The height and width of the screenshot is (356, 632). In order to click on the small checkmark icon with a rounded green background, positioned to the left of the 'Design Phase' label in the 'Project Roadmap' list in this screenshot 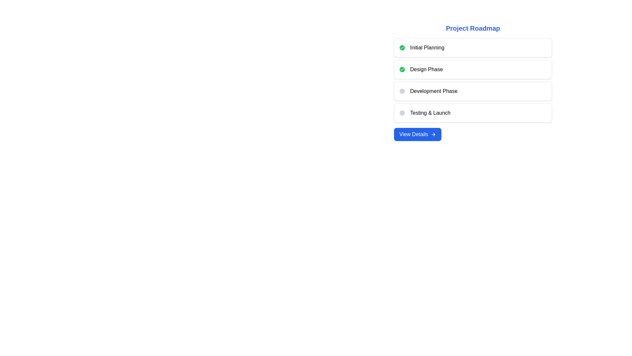, I will do `click(402, 47)`.